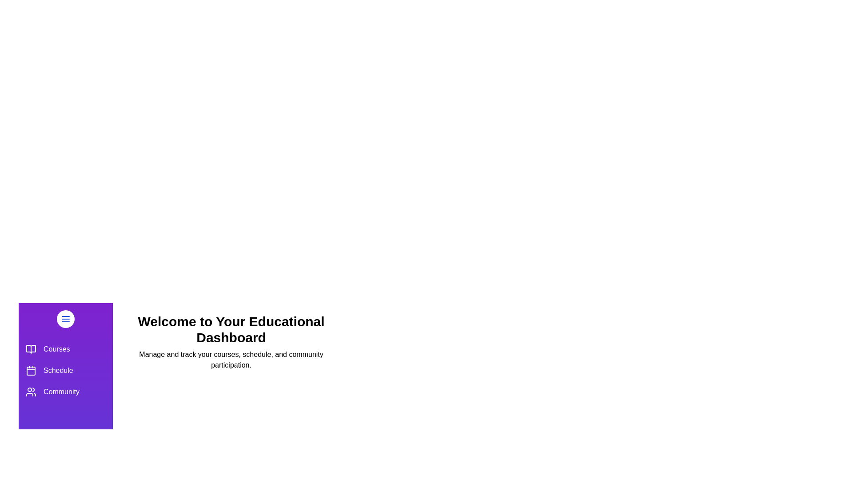 Image resolution: width=853 pixels, height=480 pixels. I want to click on the 'Courses' option in the sidebar, so click(65, 349).